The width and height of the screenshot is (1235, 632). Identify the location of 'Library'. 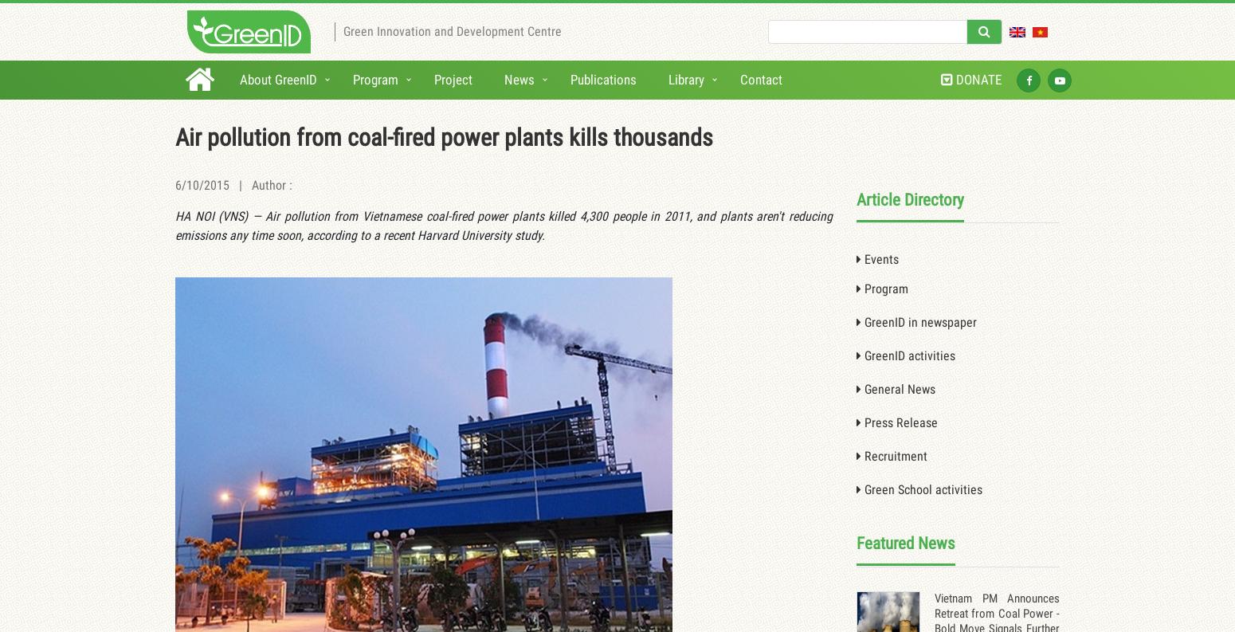
(686, 77).